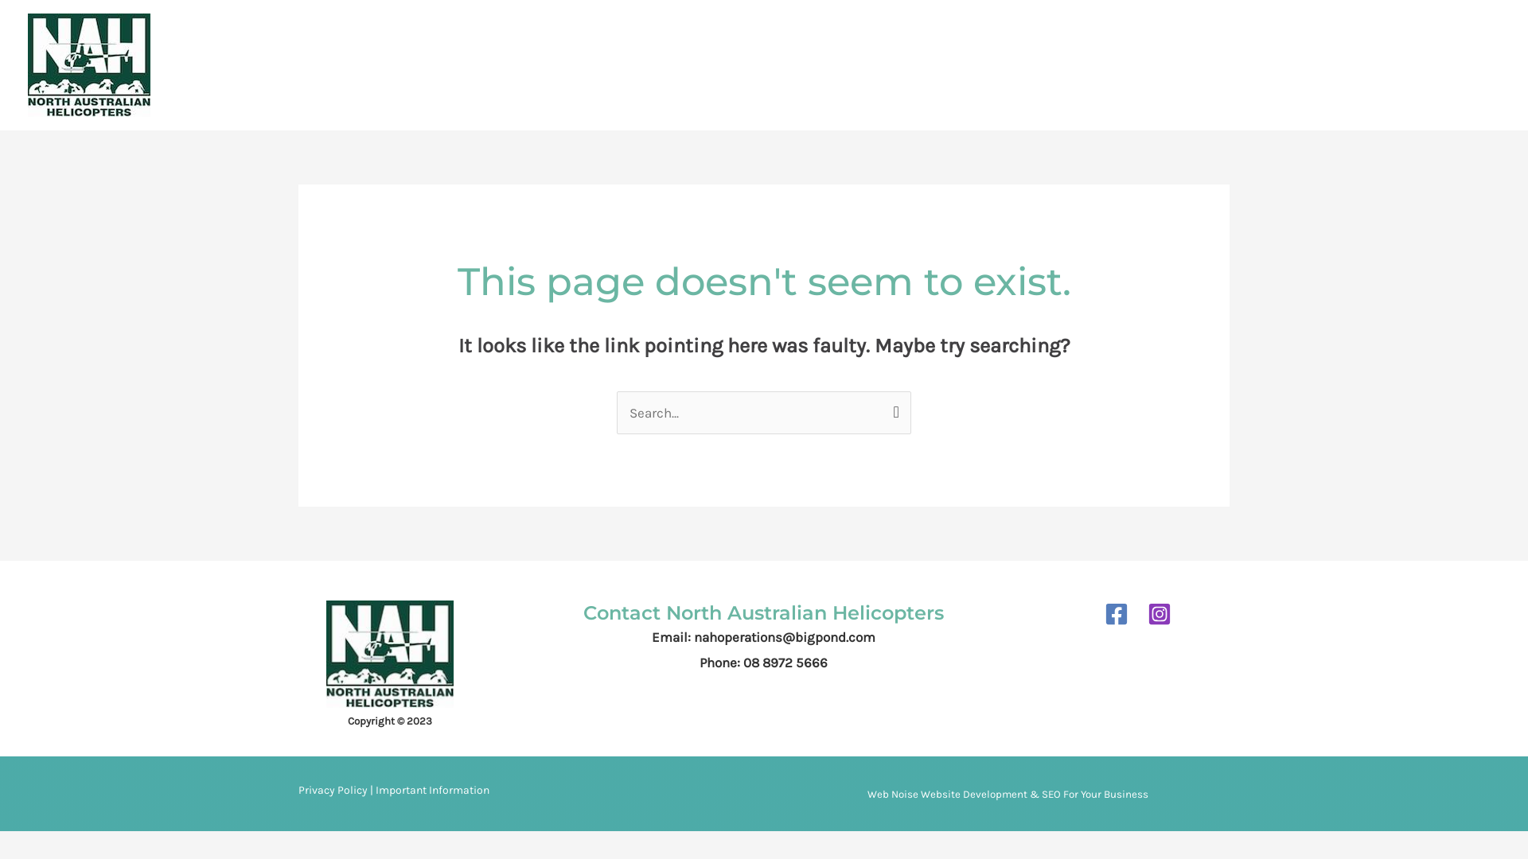  What do you see at coordinates (1318, 64) in the screenshot?
I see `'Contact'` at bounding box center [1318, 64].